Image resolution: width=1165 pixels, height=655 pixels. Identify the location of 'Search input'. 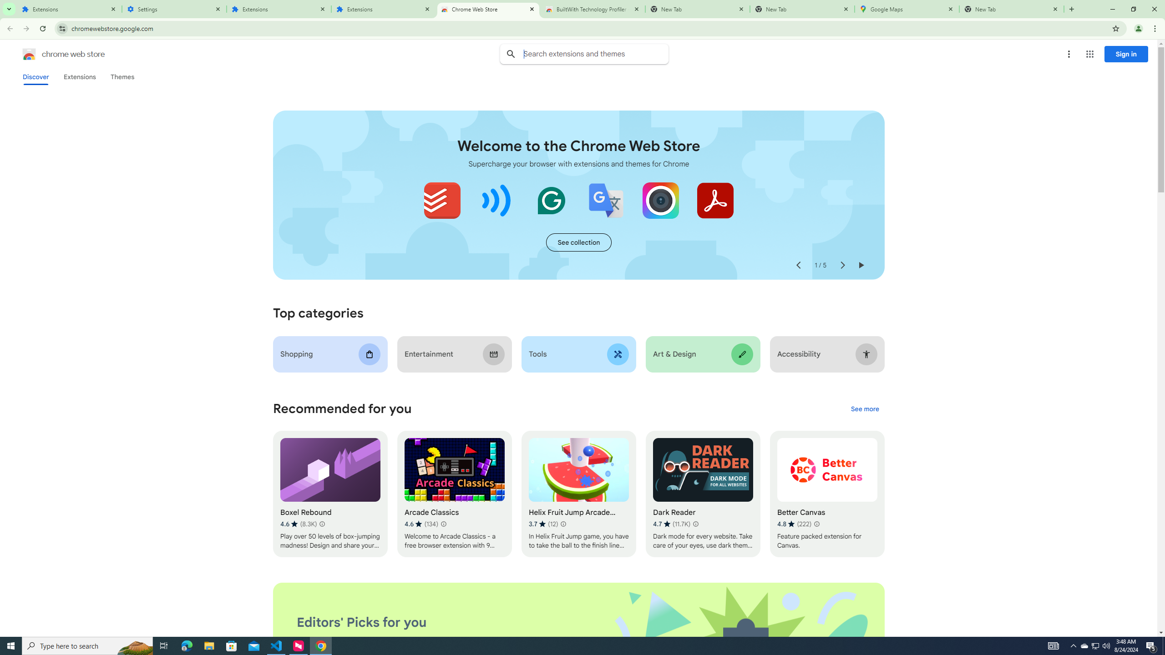
(595, 54).